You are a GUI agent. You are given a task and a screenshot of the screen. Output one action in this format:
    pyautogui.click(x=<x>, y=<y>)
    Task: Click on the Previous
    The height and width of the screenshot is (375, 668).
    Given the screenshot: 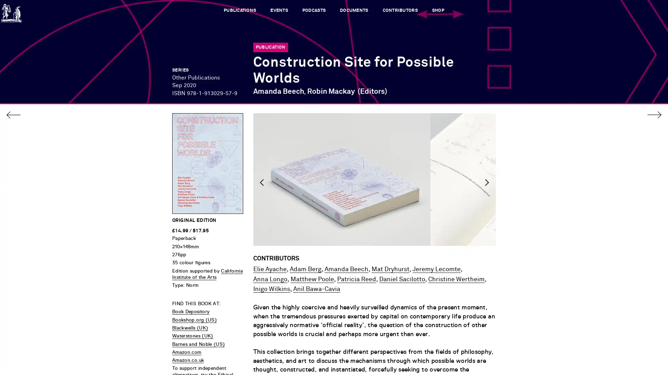 What is the action you would take?
    pyautogui.click(x=261, y=203)
    